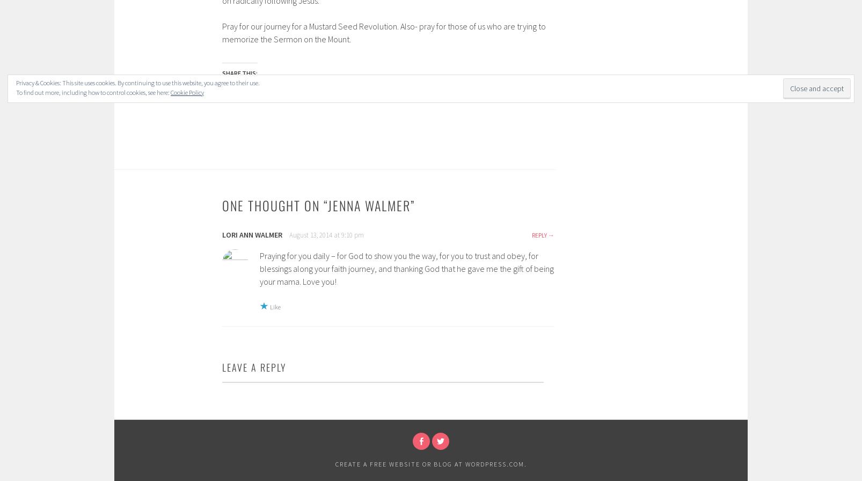 This screenshot has width=862, height=481. Describe the element at coordinates (326, 234) in the screenshot. I see `'August 13, 2014 at 9:10 pm'` at that location.